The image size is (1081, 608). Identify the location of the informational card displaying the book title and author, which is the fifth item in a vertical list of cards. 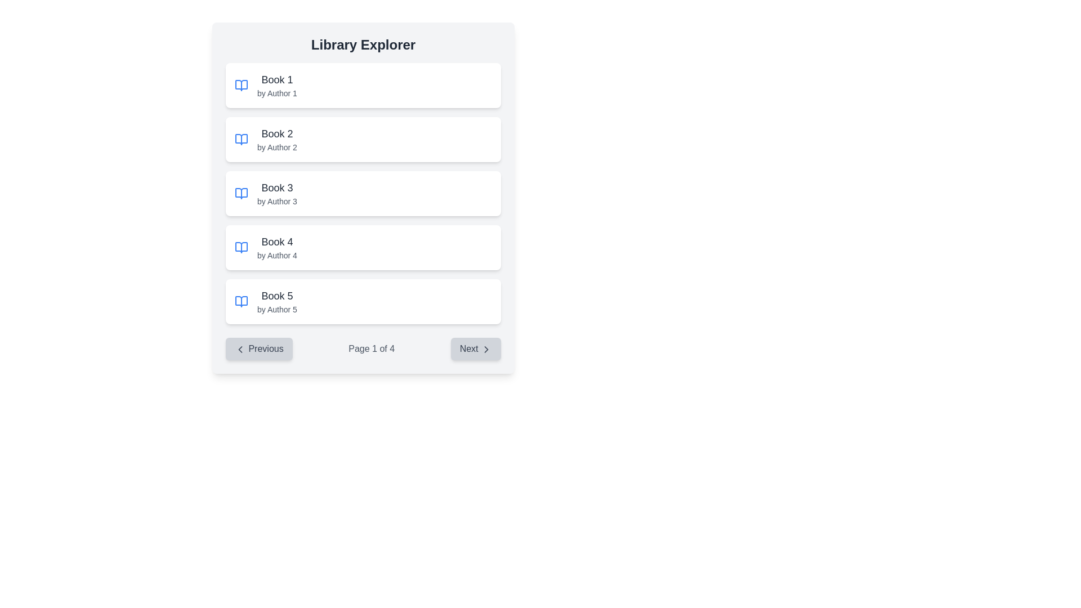
(363, 301).